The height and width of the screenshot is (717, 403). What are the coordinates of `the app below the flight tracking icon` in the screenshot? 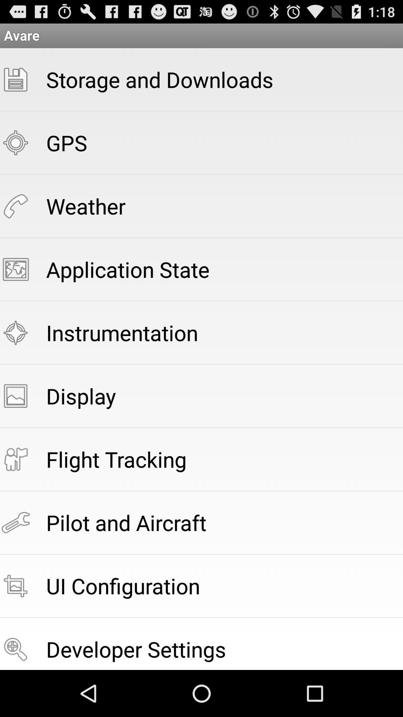 It's located at (126, 522).